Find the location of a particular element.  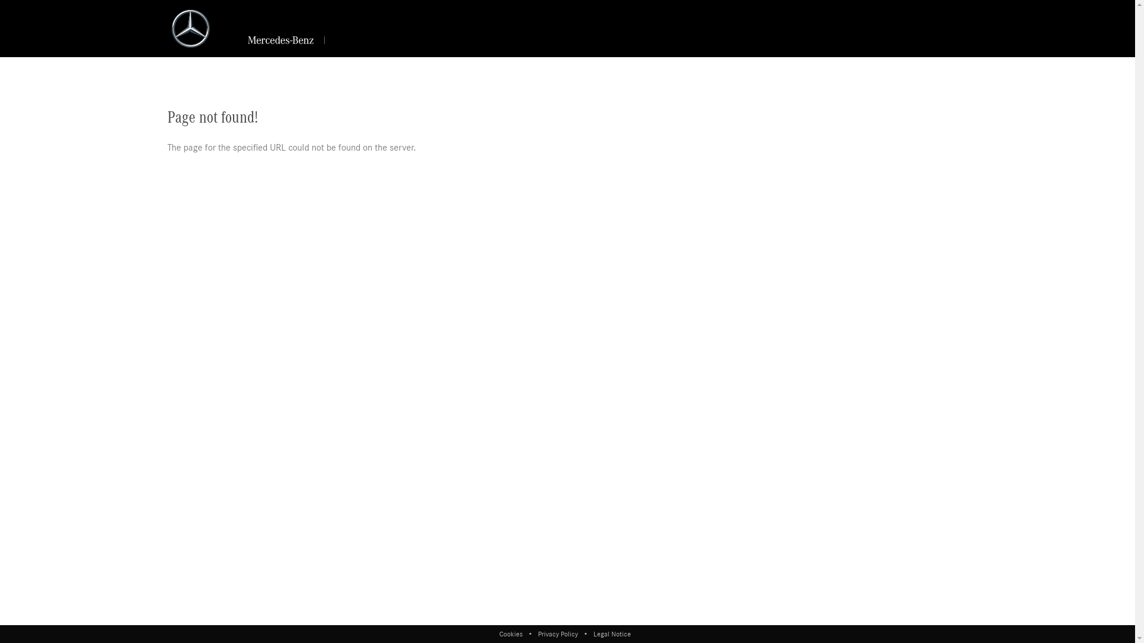

'Cookies' is located at coordinates (514, 633).